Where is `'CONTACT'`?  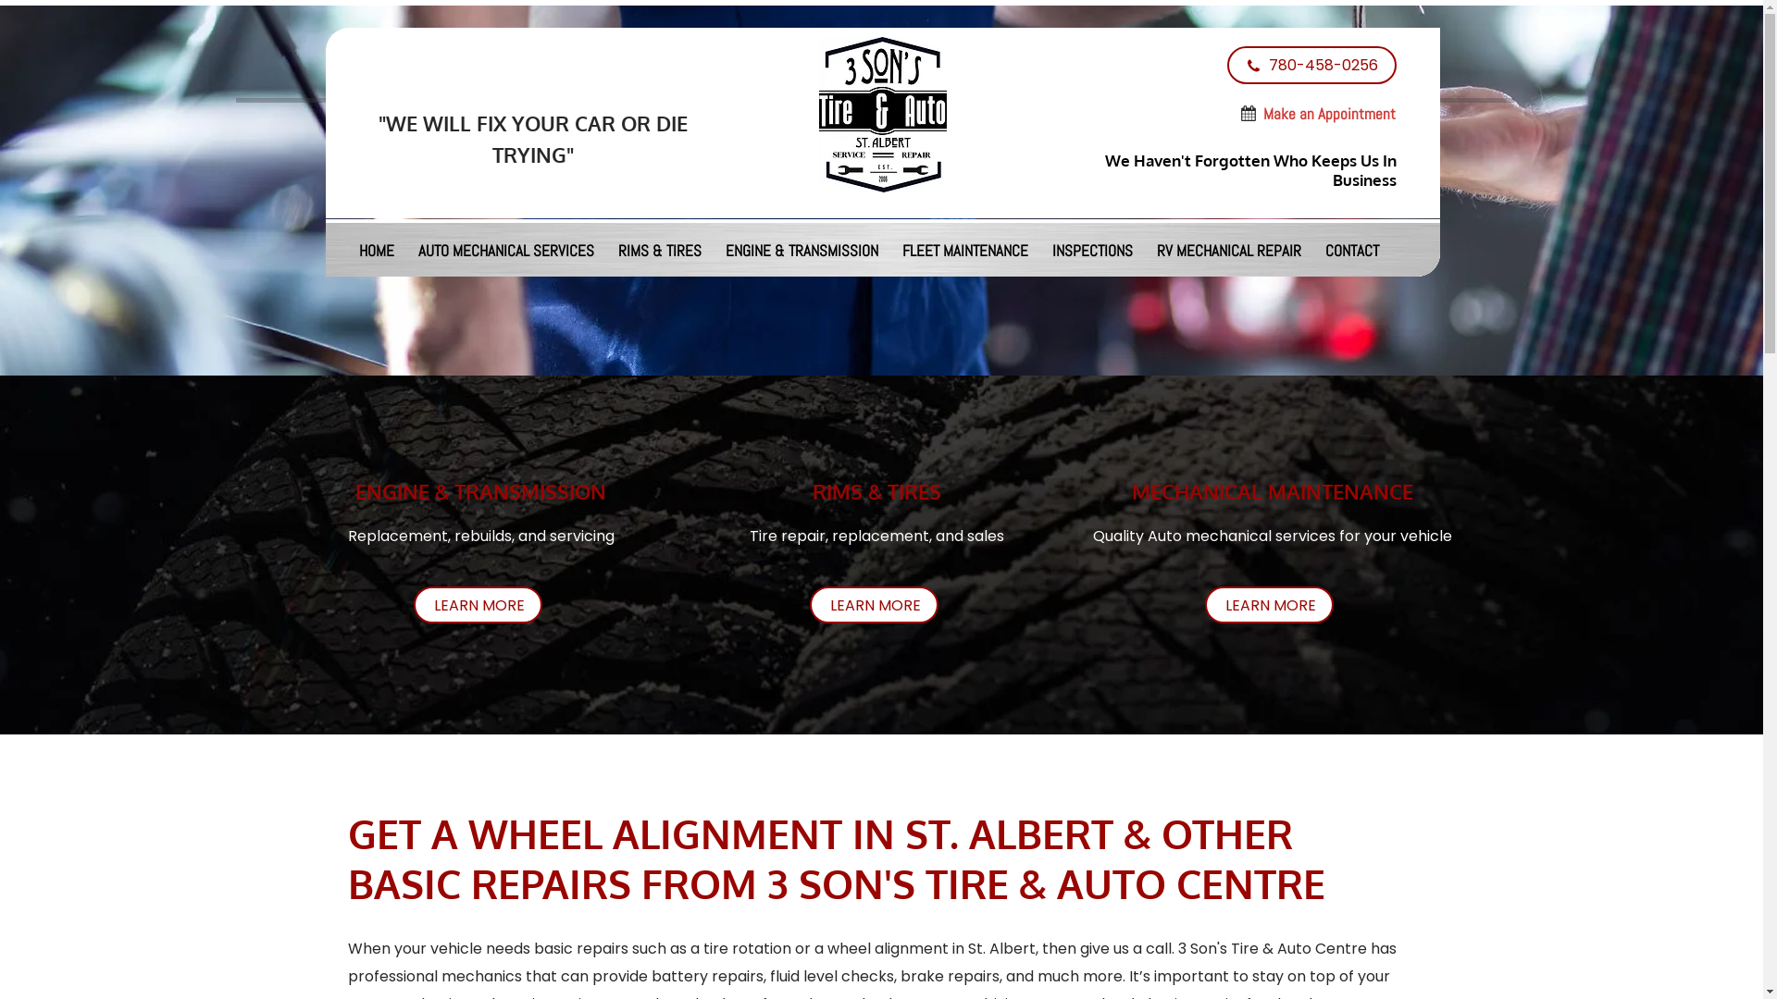
'CONTACT' is located at coordinates (1312, 250).